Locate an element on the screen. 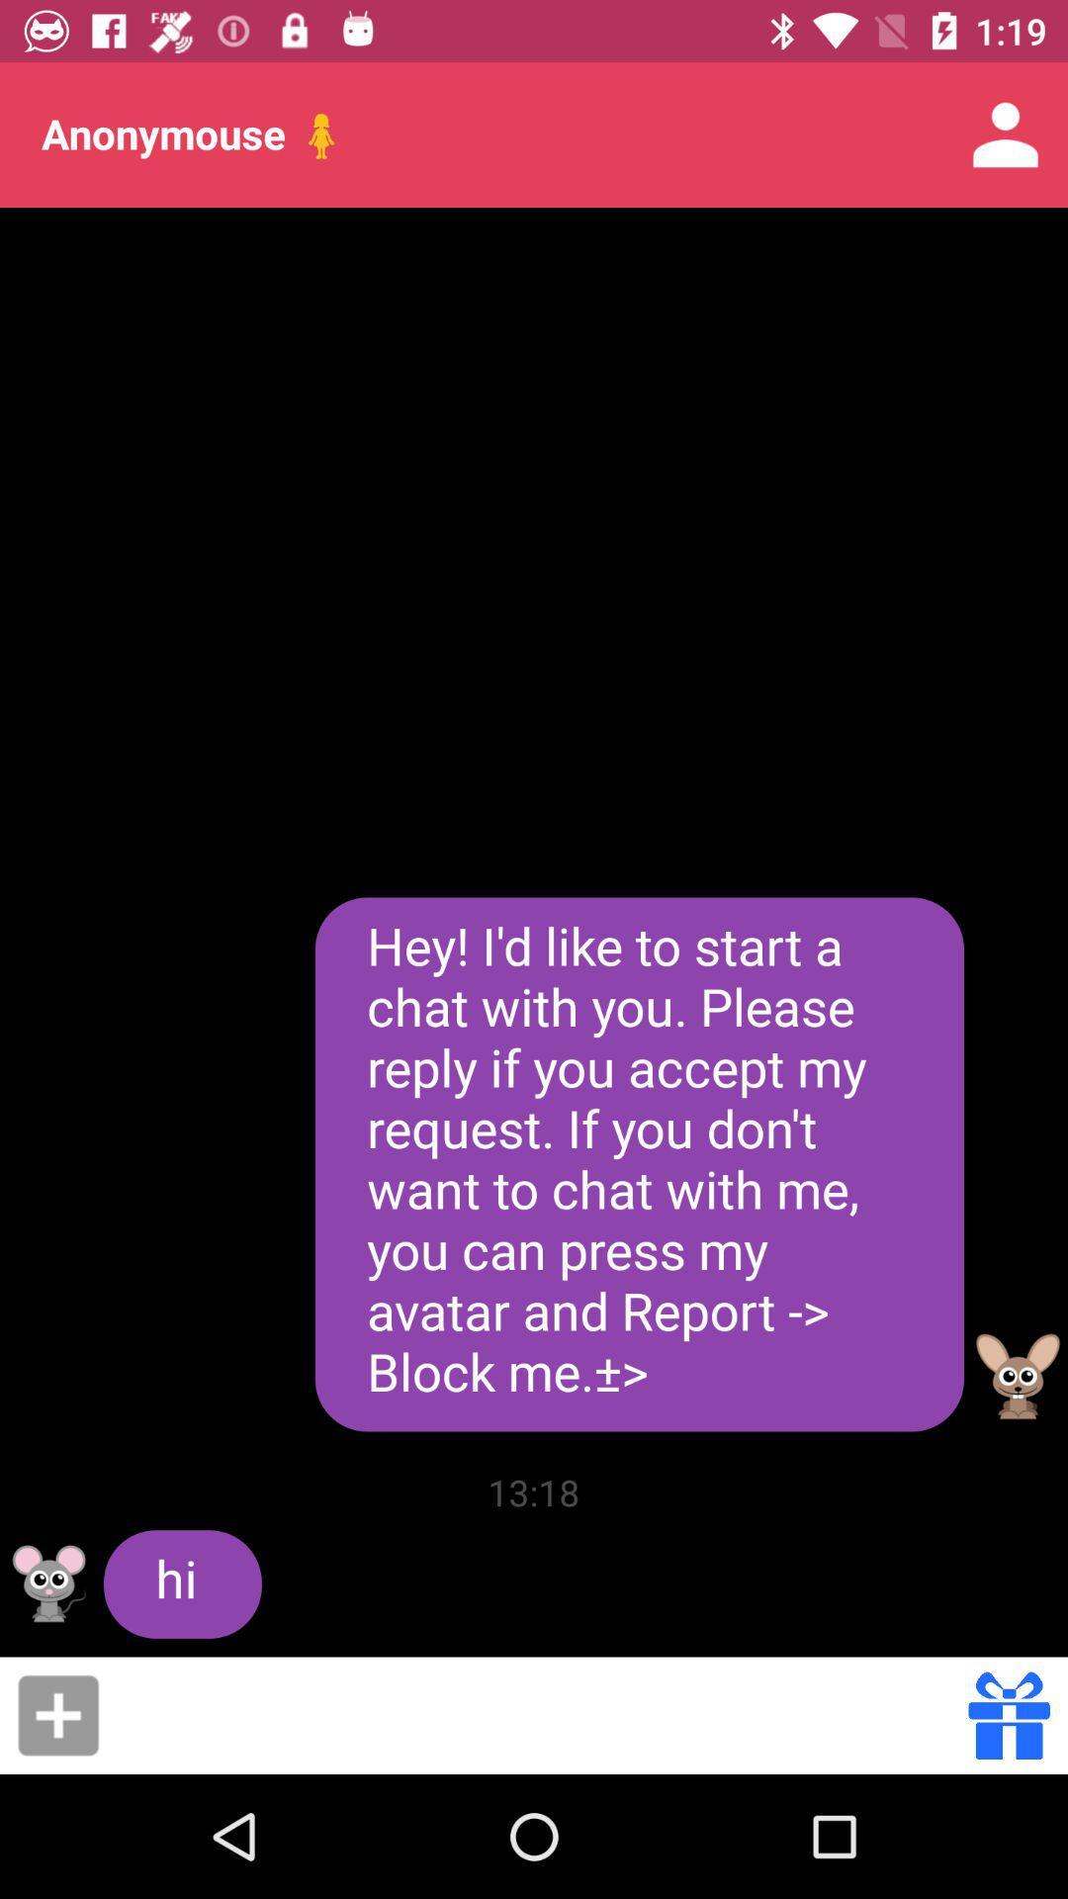 The height and width of the screenshot is (1899, 1068). item above hey i d icon is located at coordinates (1006, 134).